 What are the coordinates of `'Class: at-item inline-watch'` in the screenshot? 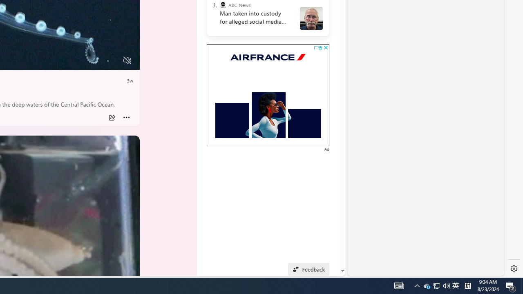 It's located at (126, 118).